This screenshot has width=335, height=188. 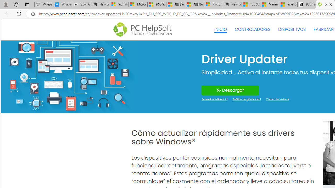 What do you see at coordinates (253, 30) in the screenshot?
I see `'CONTROLADORES'` at bounding box center [253, 30].